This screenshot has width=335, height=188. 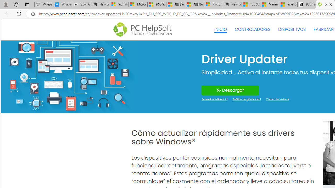 What do you see at coordinates (253, 30) in the screenshot?
I see `'CONTROLADORES'` at bounding box center [253, 30].